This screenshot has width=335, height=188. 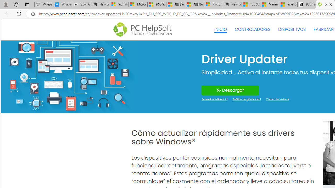 What do you see at coordinates (253, 30) in the screenshot?
I see `'CONTROLADORES'` at bounding box center [253, 30].